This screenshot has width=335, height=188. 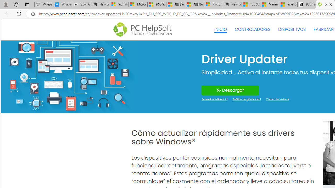 What do you see at coordinates (253, 30) in the screenshot?
I see `'CONTROLADORES'` at bounding box center [253, 30].